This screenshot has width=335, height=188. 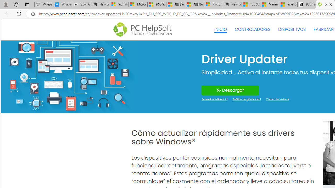 What do you see at coordinates (253, 30) in the screenshot?
I see `'CONTROLADORES'` at bounding box center [253, 30].